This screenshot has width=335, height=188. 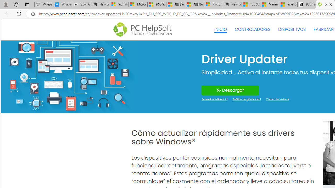 What do you see at coordinates (253, 30) in the screenshot?
I see `'CONTROLADORES'` at bounding box center [253, 30].